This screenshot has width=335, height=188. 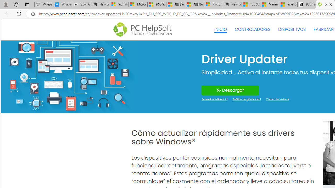 What do you see at coordinates (253, 30) in the screenshot?
I see `'CONTROLADORES'` at bounding box center [253, 30].